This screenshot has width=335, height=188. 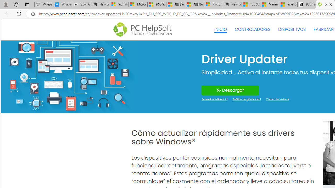 What do you see at coordinates (253, 30) in the screenshot?
I see `'CONTROLADORES'` at bounding box center [253, 30].